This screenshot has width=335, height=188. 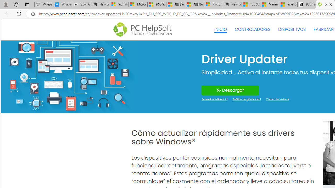 What do you see at coordinates (253, 30) in the screenshot?
I see `'CONTROLADORES'` at bounding box center [253, 30].